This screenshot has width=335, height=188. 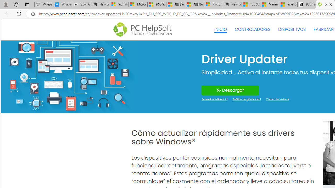 What do you see at coordinates (253, 30) in the screenshot?
I see `'CONTROLADORES'` at bounding box center [253, 30].